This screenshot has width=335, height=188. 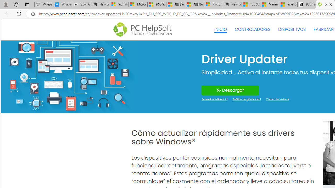 What do you see at coordinates (253, 30) in the screenshot?
I see `'CONTROLADORES'` at bounding box center [253, 30].